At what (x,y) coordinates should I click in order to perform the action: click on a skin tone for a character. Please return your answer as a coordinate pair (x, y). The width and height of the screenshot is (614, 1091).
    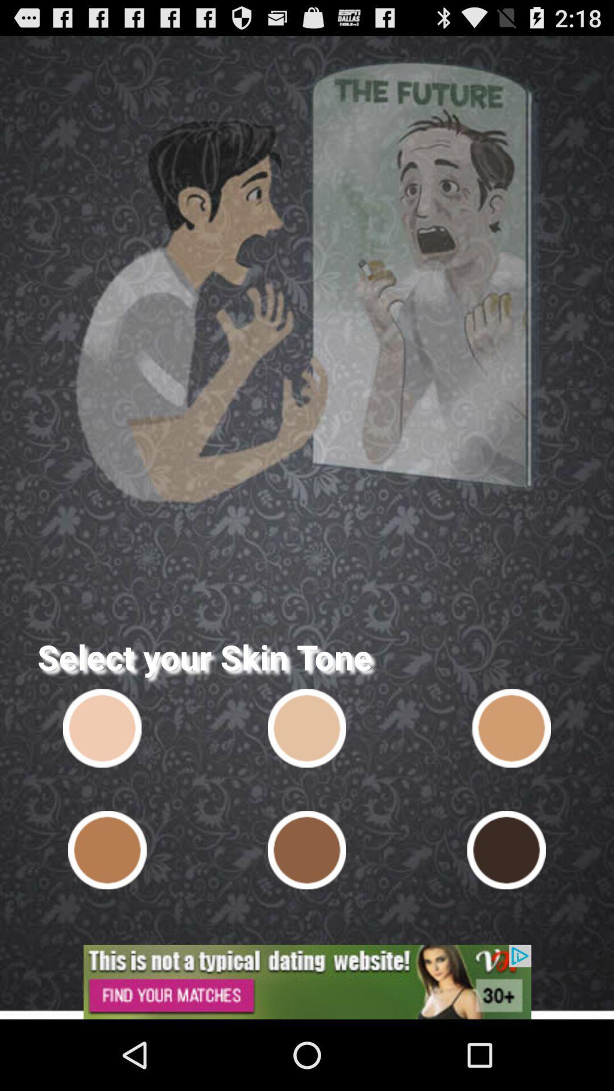
    Looking at the image, I should click on (307, 850).